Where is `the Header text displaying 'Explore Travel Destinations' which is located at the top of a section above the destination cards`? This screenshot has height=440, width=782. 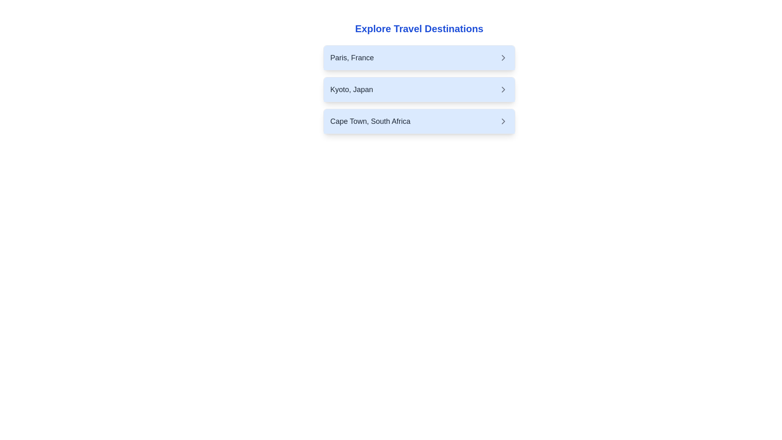
the Header text displaying 'Explore Travel Destinations' which is located at the top of a section above the destination cards is located at coordinates (419, 28).